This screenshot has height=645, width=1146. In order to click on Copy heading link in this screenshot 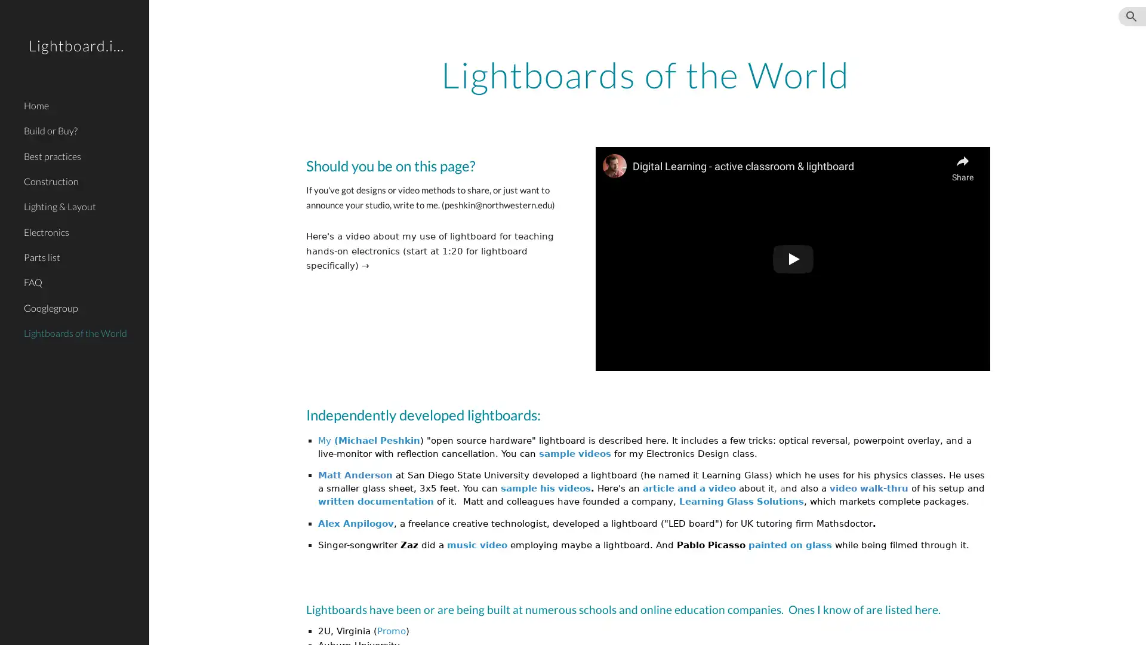, I will do `click(960, 608)`.